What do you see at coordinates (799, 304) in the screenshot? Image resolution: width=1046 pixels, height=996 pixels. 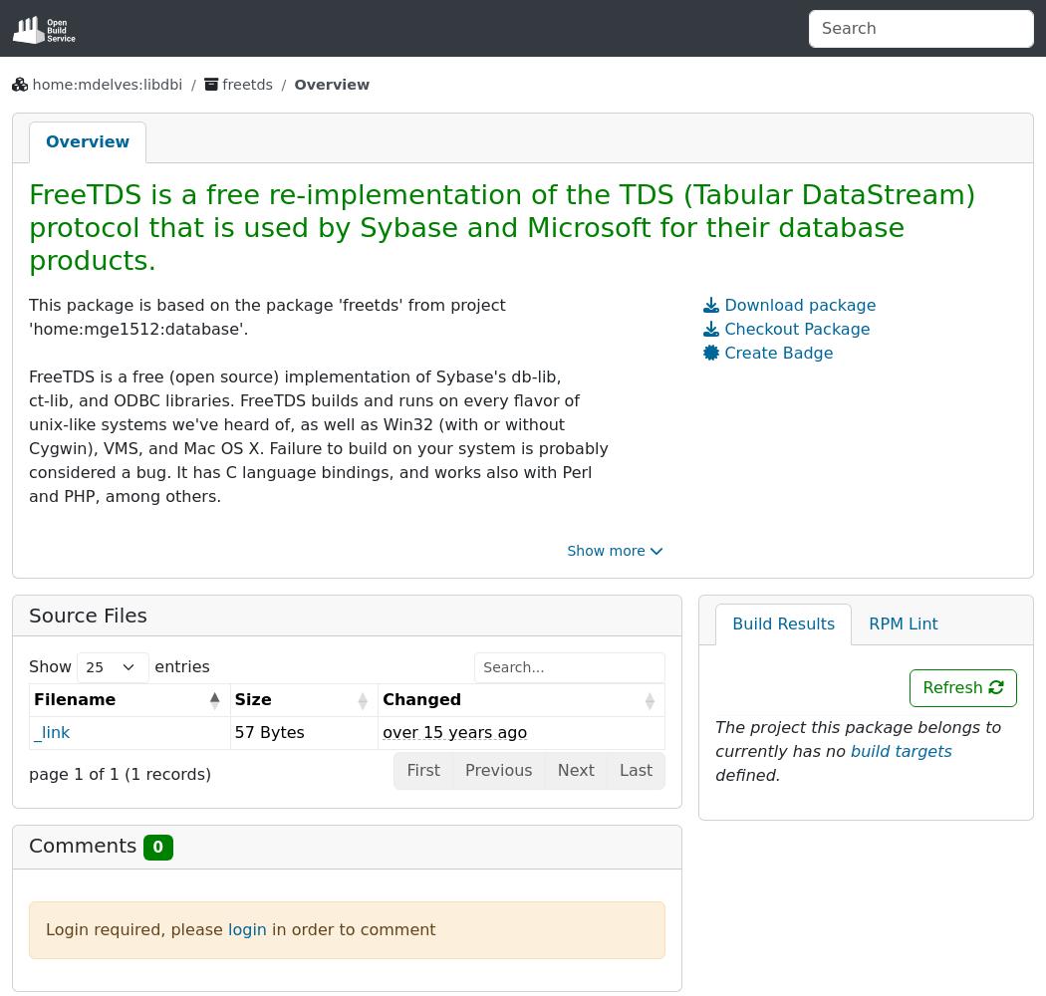 I see `'Download package'` at bounding box center [799, 304].